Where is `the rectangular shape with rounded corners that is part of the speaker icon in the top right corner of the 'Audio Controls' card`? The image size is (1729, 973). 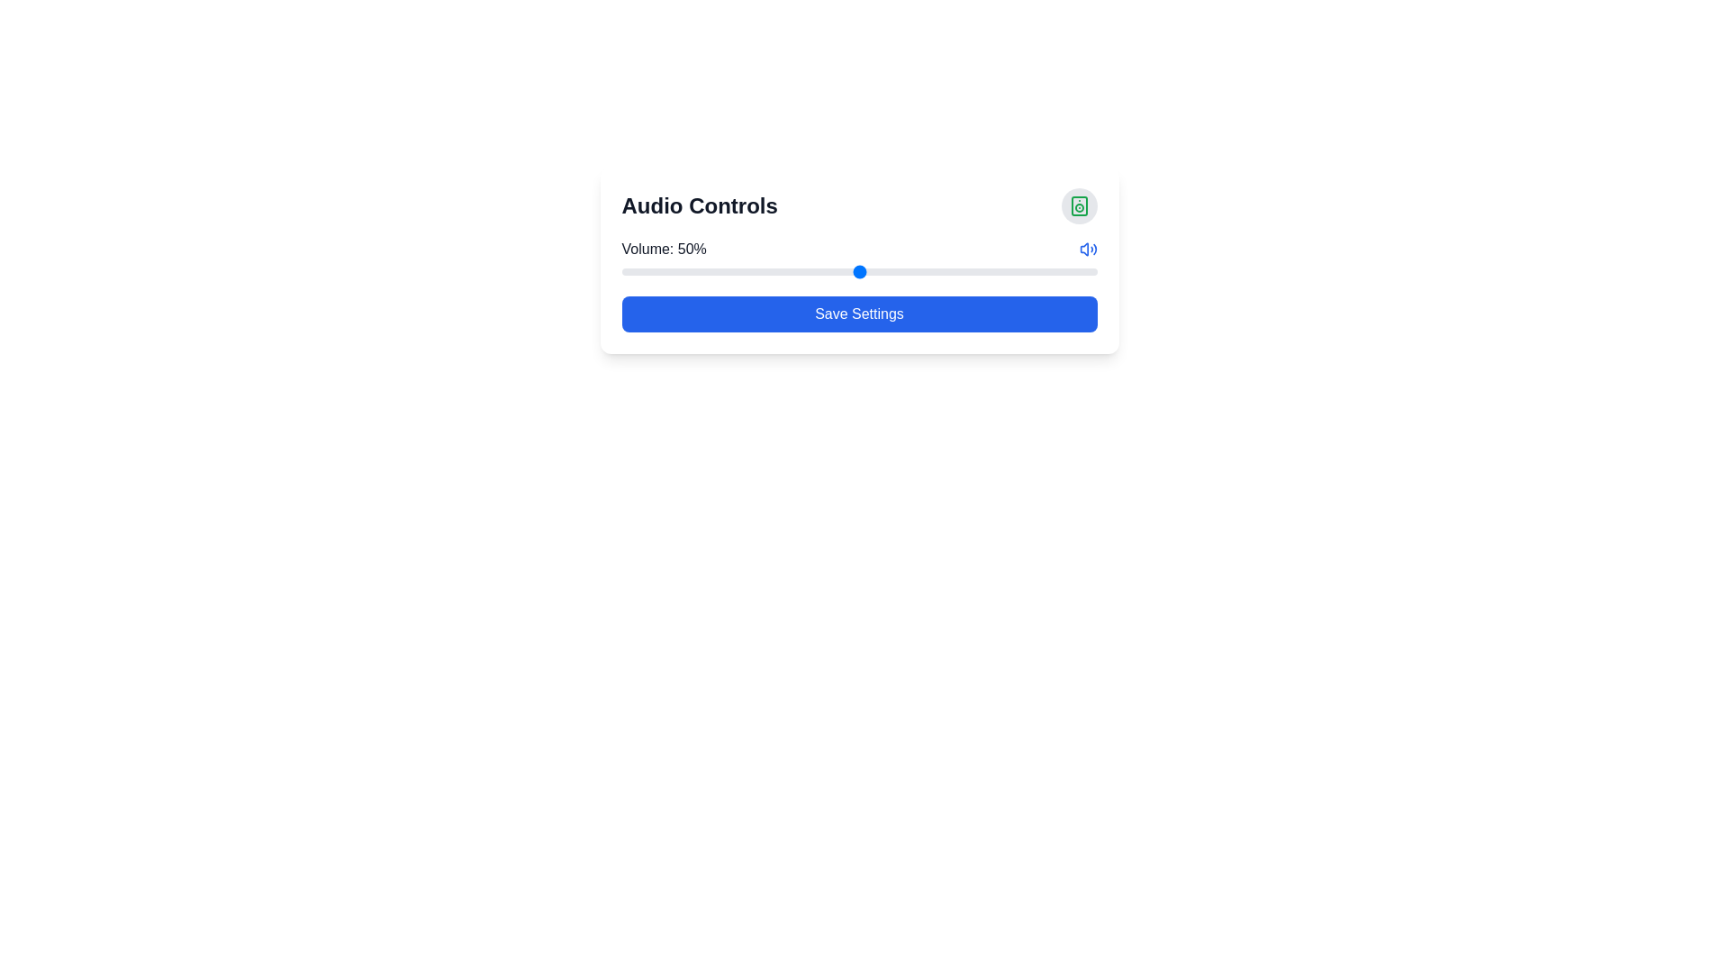
the rectangular shape with rounded corners that is part of the speaker icon in the top right corner of the 'Audio Controls' card is located at coordinates (1079, 205).